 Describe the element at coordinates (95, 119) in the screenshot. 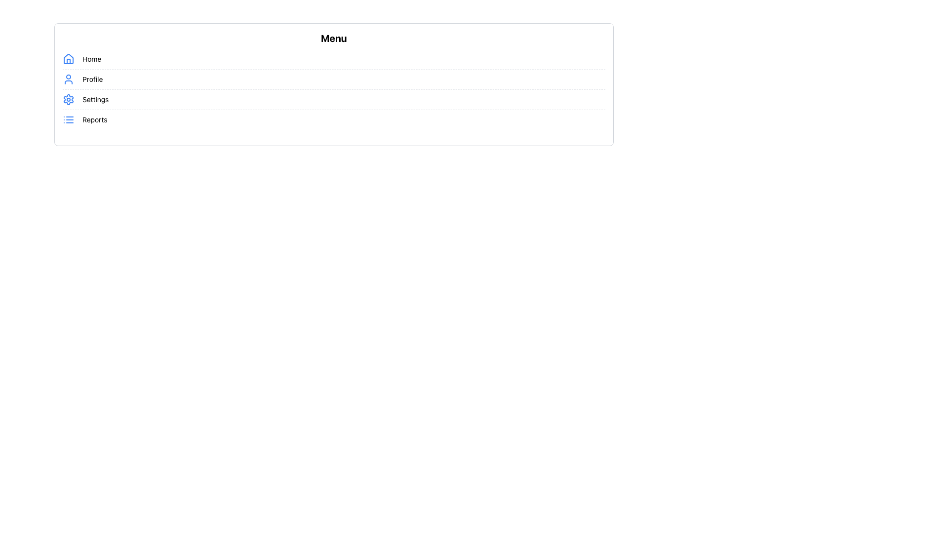

I see `the 'Reports' text label in the vertical menu list` at that location.